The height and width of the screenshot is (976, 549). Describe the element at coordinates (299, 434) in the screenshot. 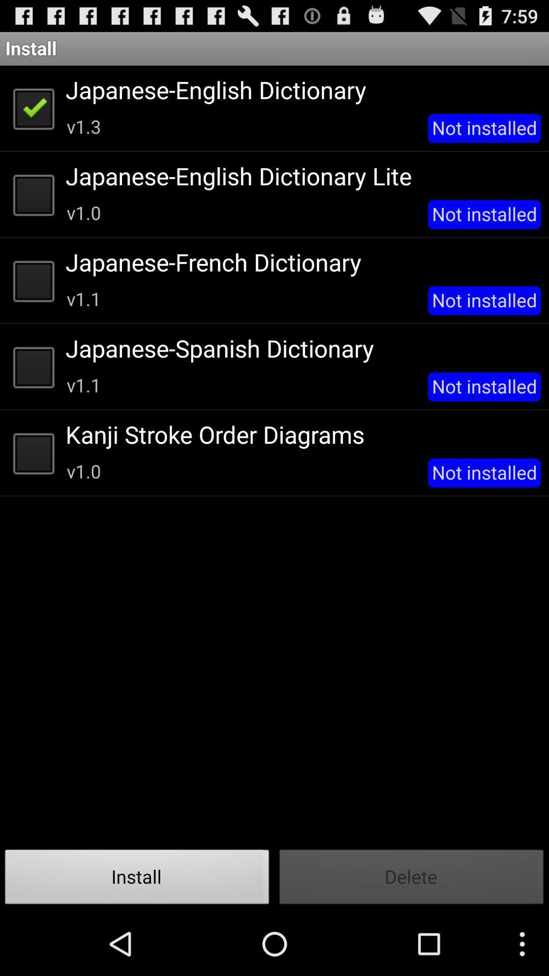

I see `the app above the v1.0 icon` at that location.